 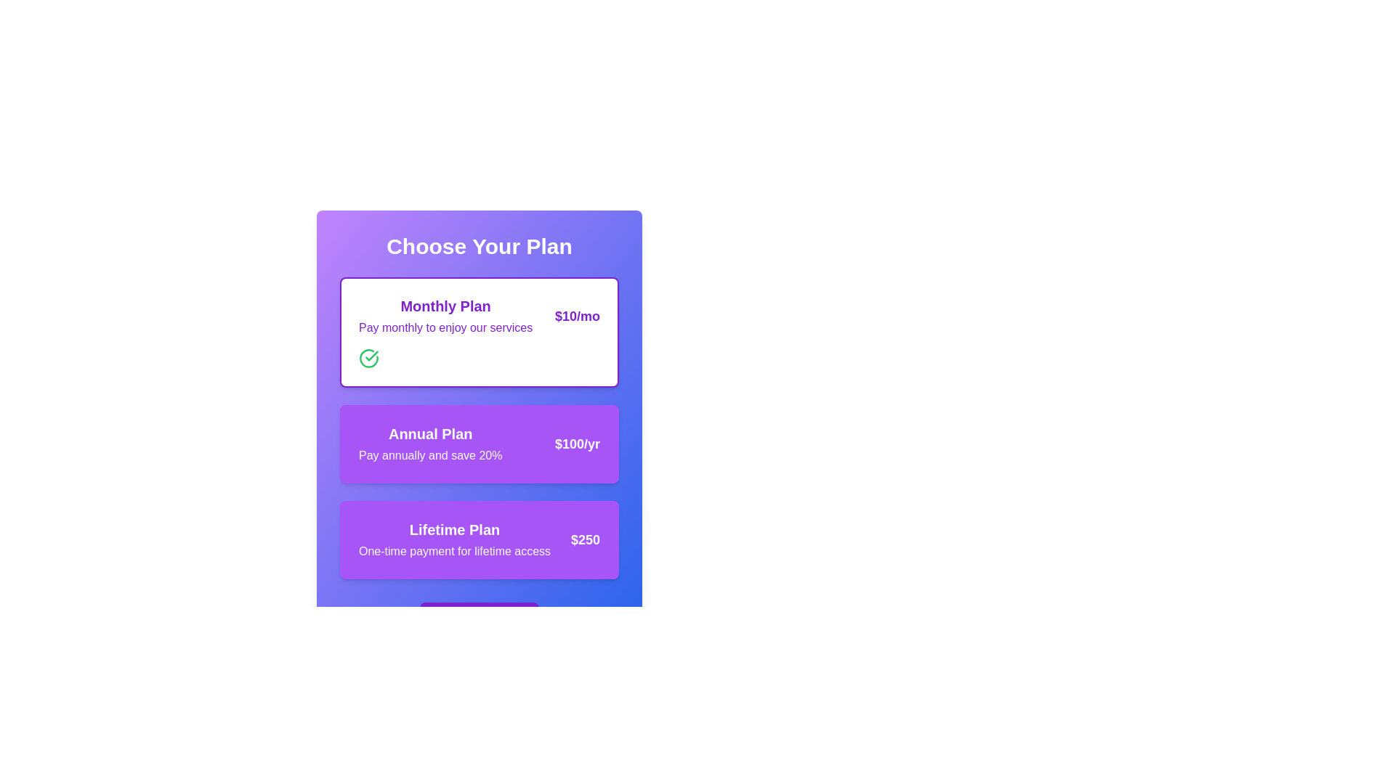 What do you see at coordinates (372, 356) in the screenshot?
I see `the lower section of the checkmark icon in the 'Monthly Plan' card to observe its details` at bounding box center [372, 356].